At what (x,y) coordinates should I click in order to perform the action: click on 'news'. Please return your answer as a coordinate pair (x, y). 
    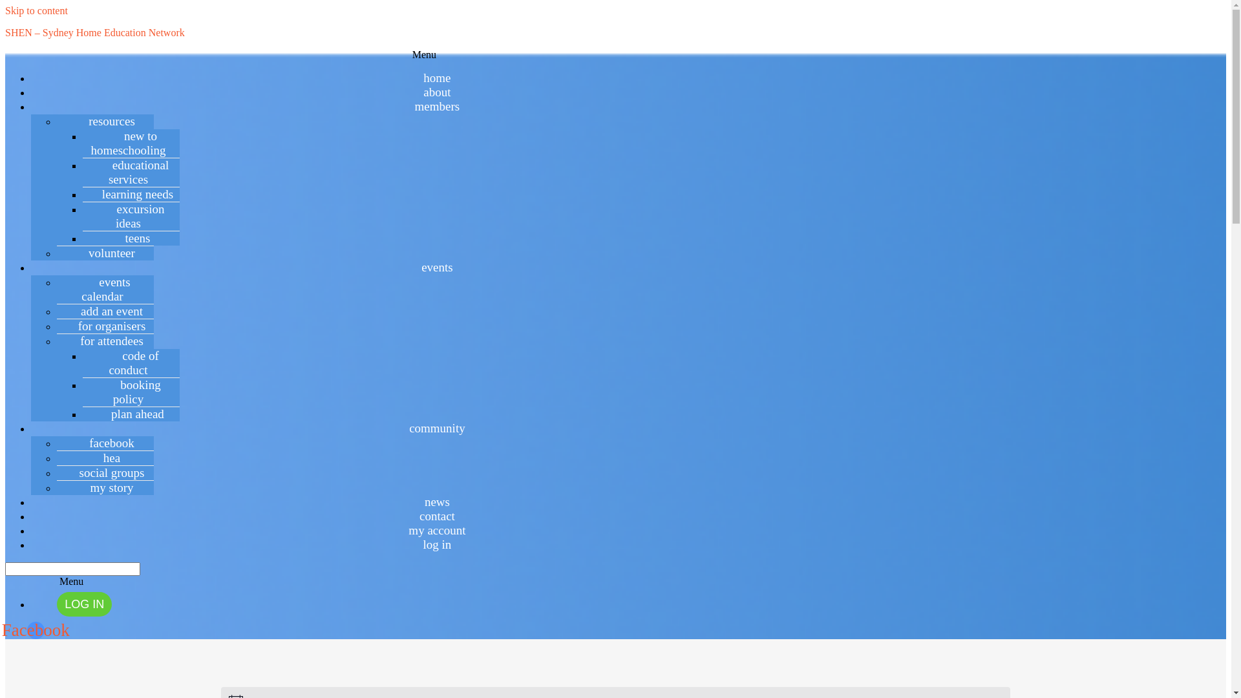
    Looking at the image, I should click on (437, 501).